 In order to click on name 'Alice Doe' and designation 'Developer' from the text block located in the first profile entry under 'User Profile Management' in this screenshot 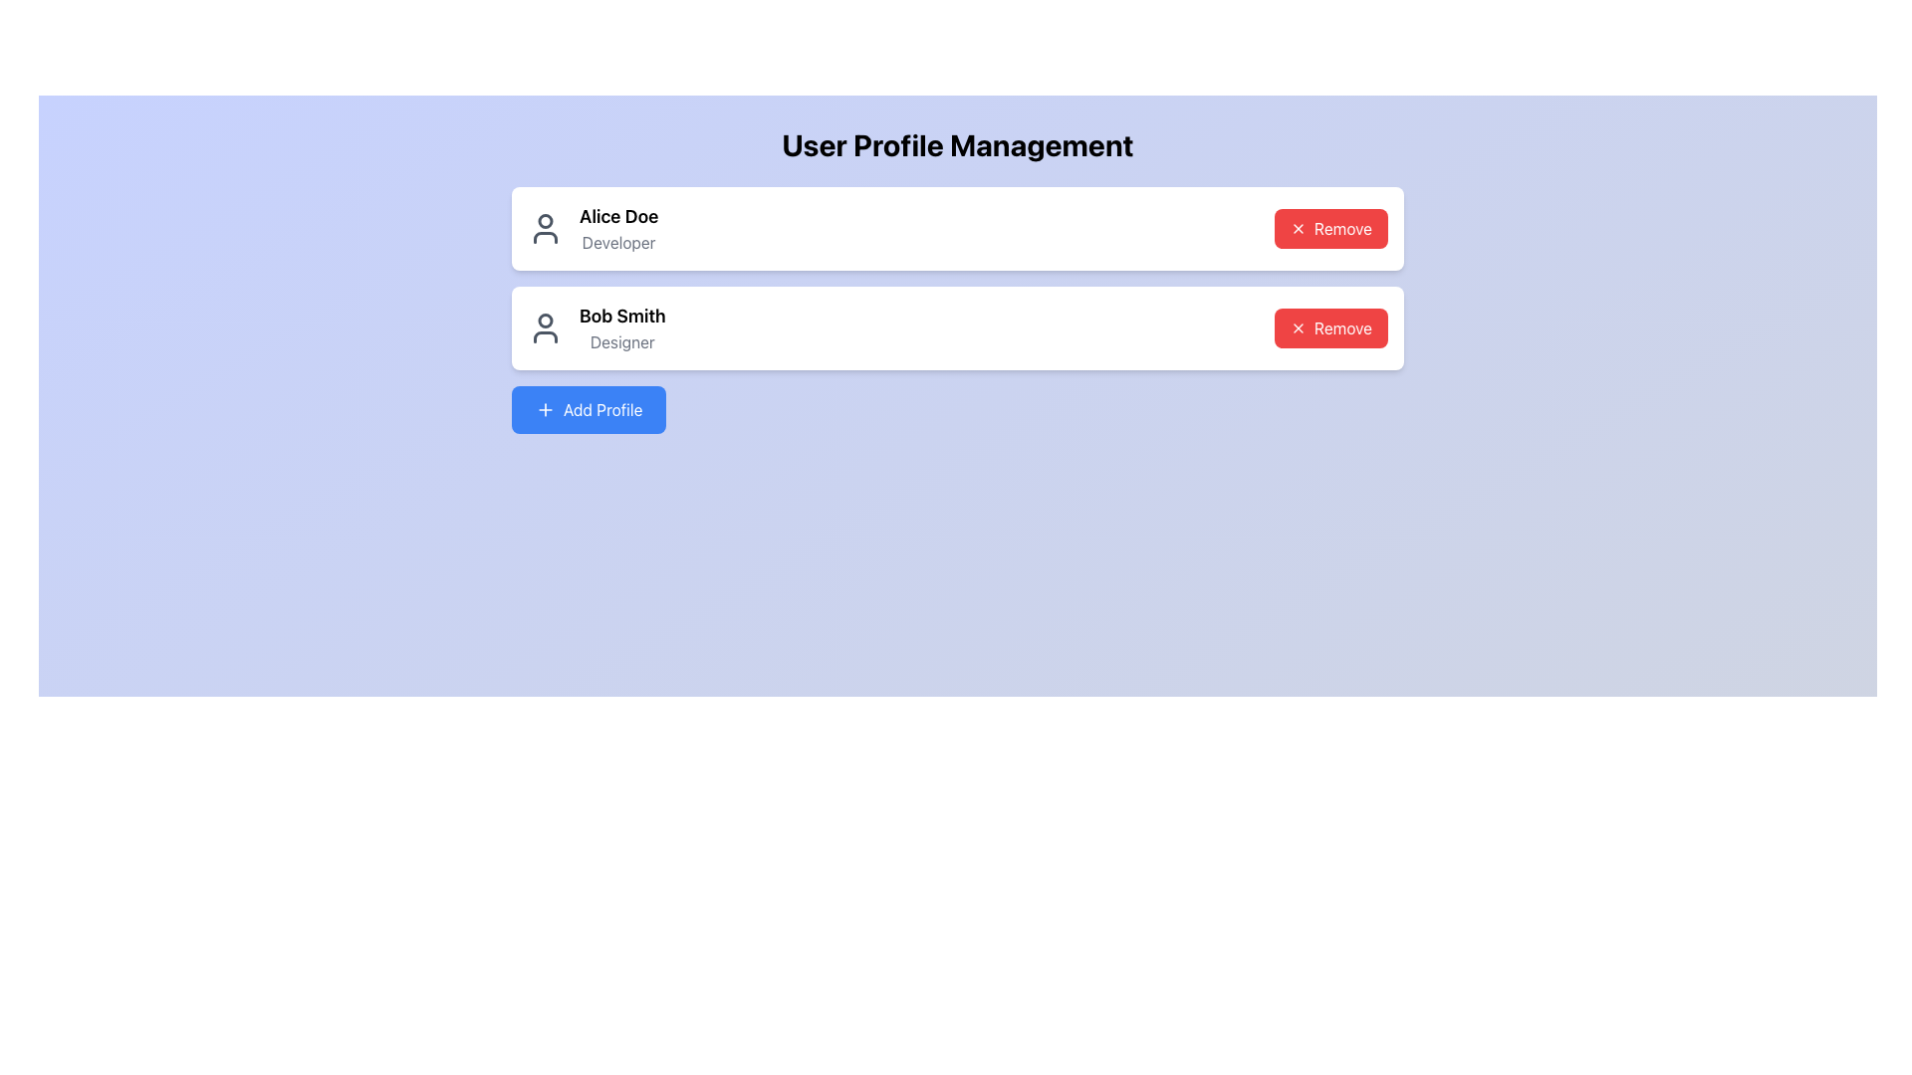, I will do `click(617, 228)`.